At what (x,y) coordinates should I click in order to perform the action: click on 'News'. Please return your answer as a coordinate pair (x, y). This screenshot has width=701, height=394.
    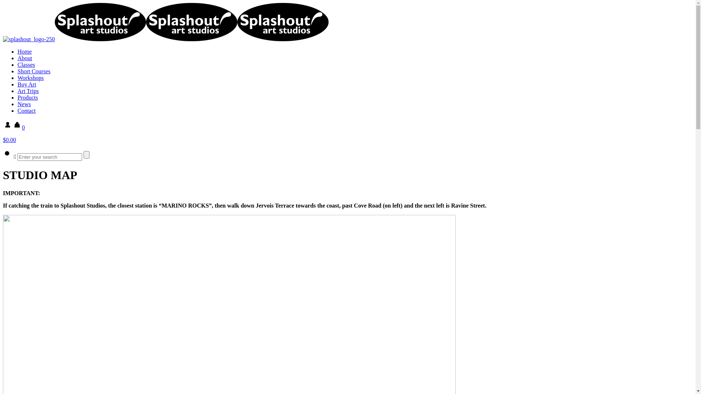
    Looking at the image, I should click on (24, 104).